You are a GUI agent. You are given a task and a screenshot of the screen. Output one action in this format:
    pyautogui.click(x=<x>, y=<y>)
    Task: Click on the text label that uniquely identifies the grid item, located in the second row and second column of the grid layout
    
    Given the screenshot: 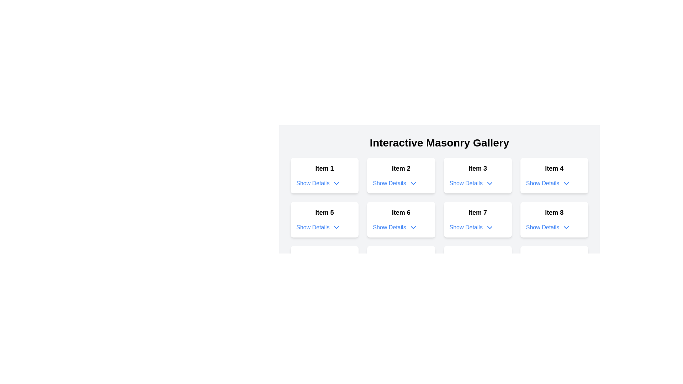 What is the action you would take?
    pyautogui.click(x=401, y=212)
    